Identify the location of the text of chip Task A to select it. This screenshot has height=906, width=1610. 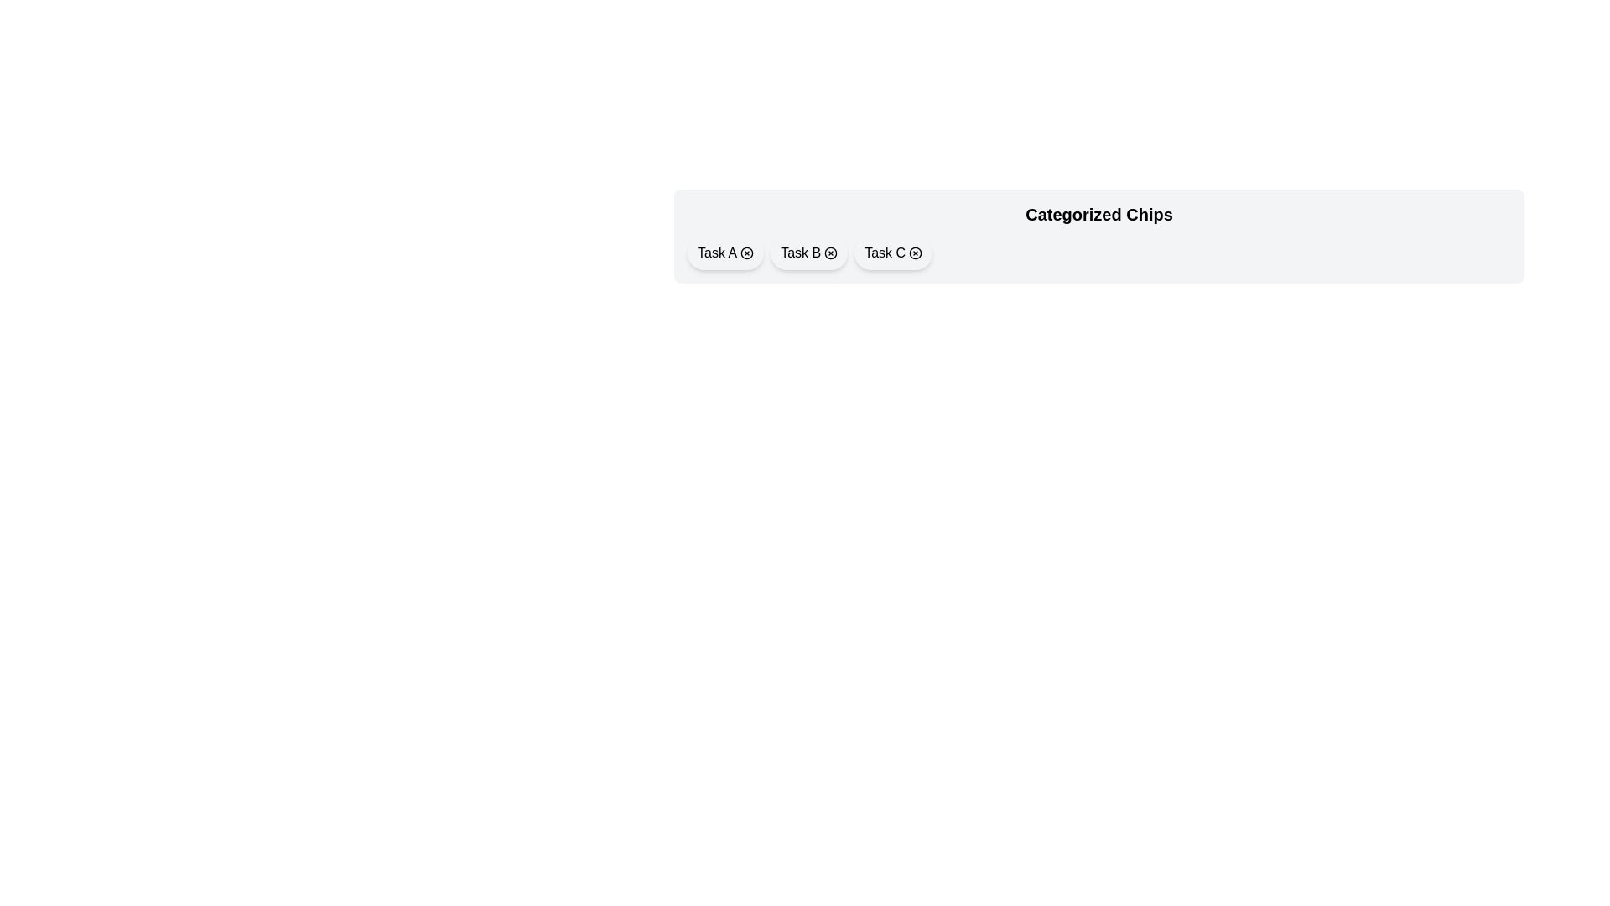
(717, 253).